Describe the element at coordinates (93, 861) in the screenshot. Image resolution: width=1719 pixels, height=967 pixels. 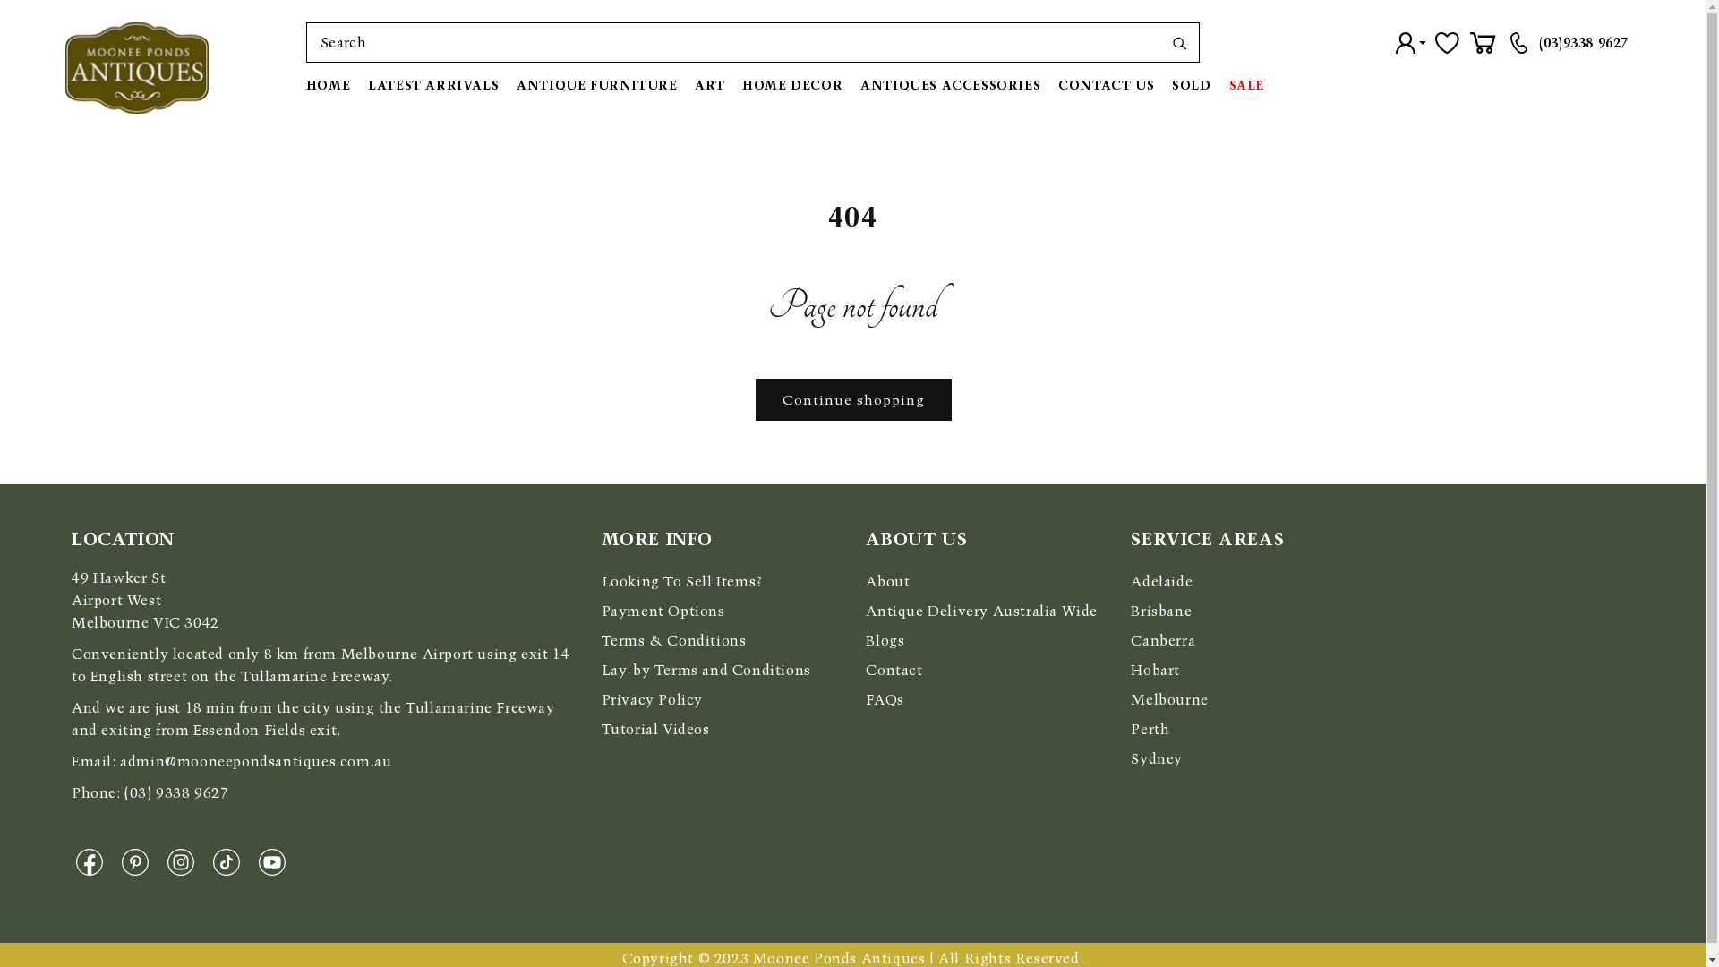
I see `'Facebook'` at that location.